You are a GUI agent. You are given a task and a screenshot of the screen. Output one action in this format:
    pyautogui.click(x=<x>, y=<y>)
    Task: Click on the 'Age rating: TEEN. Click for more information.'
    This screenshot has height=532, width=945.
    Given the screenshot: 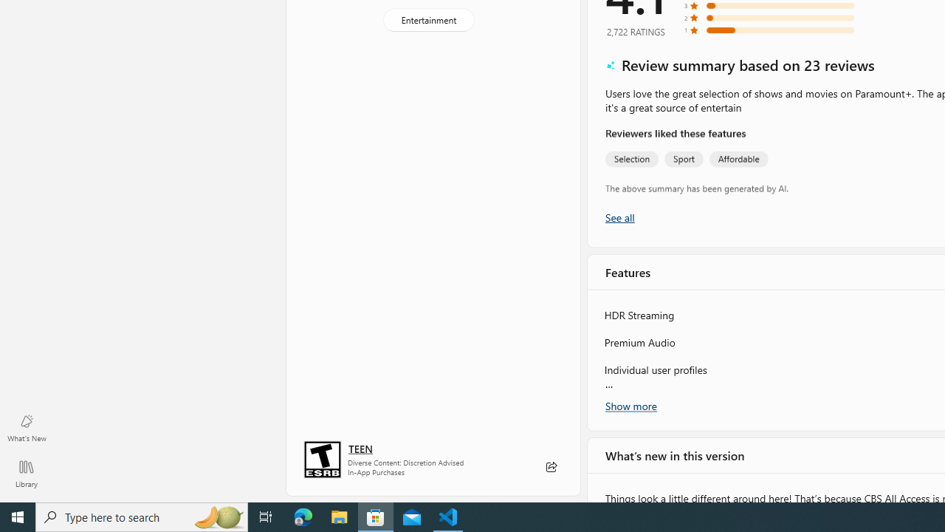 What is the action you would take?
    pyautogui.click(x=360, y=447)
    